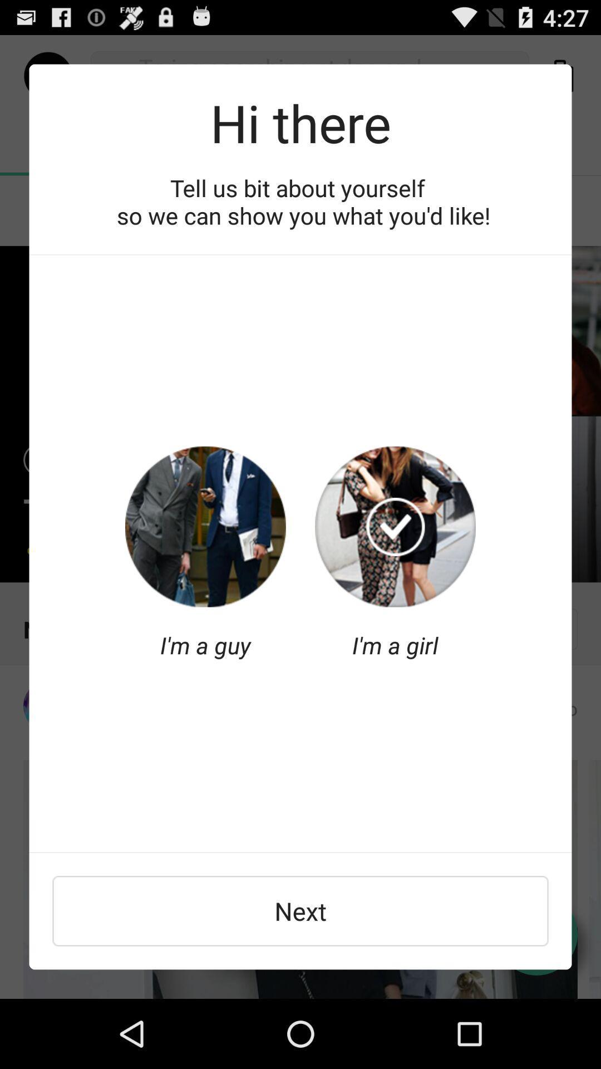 The width and height of the screenshot is (601, 1069). What do you see at coordinates (395, 526) in the screenshot?
I see `im a girl option` at bounding box center [395, 526].